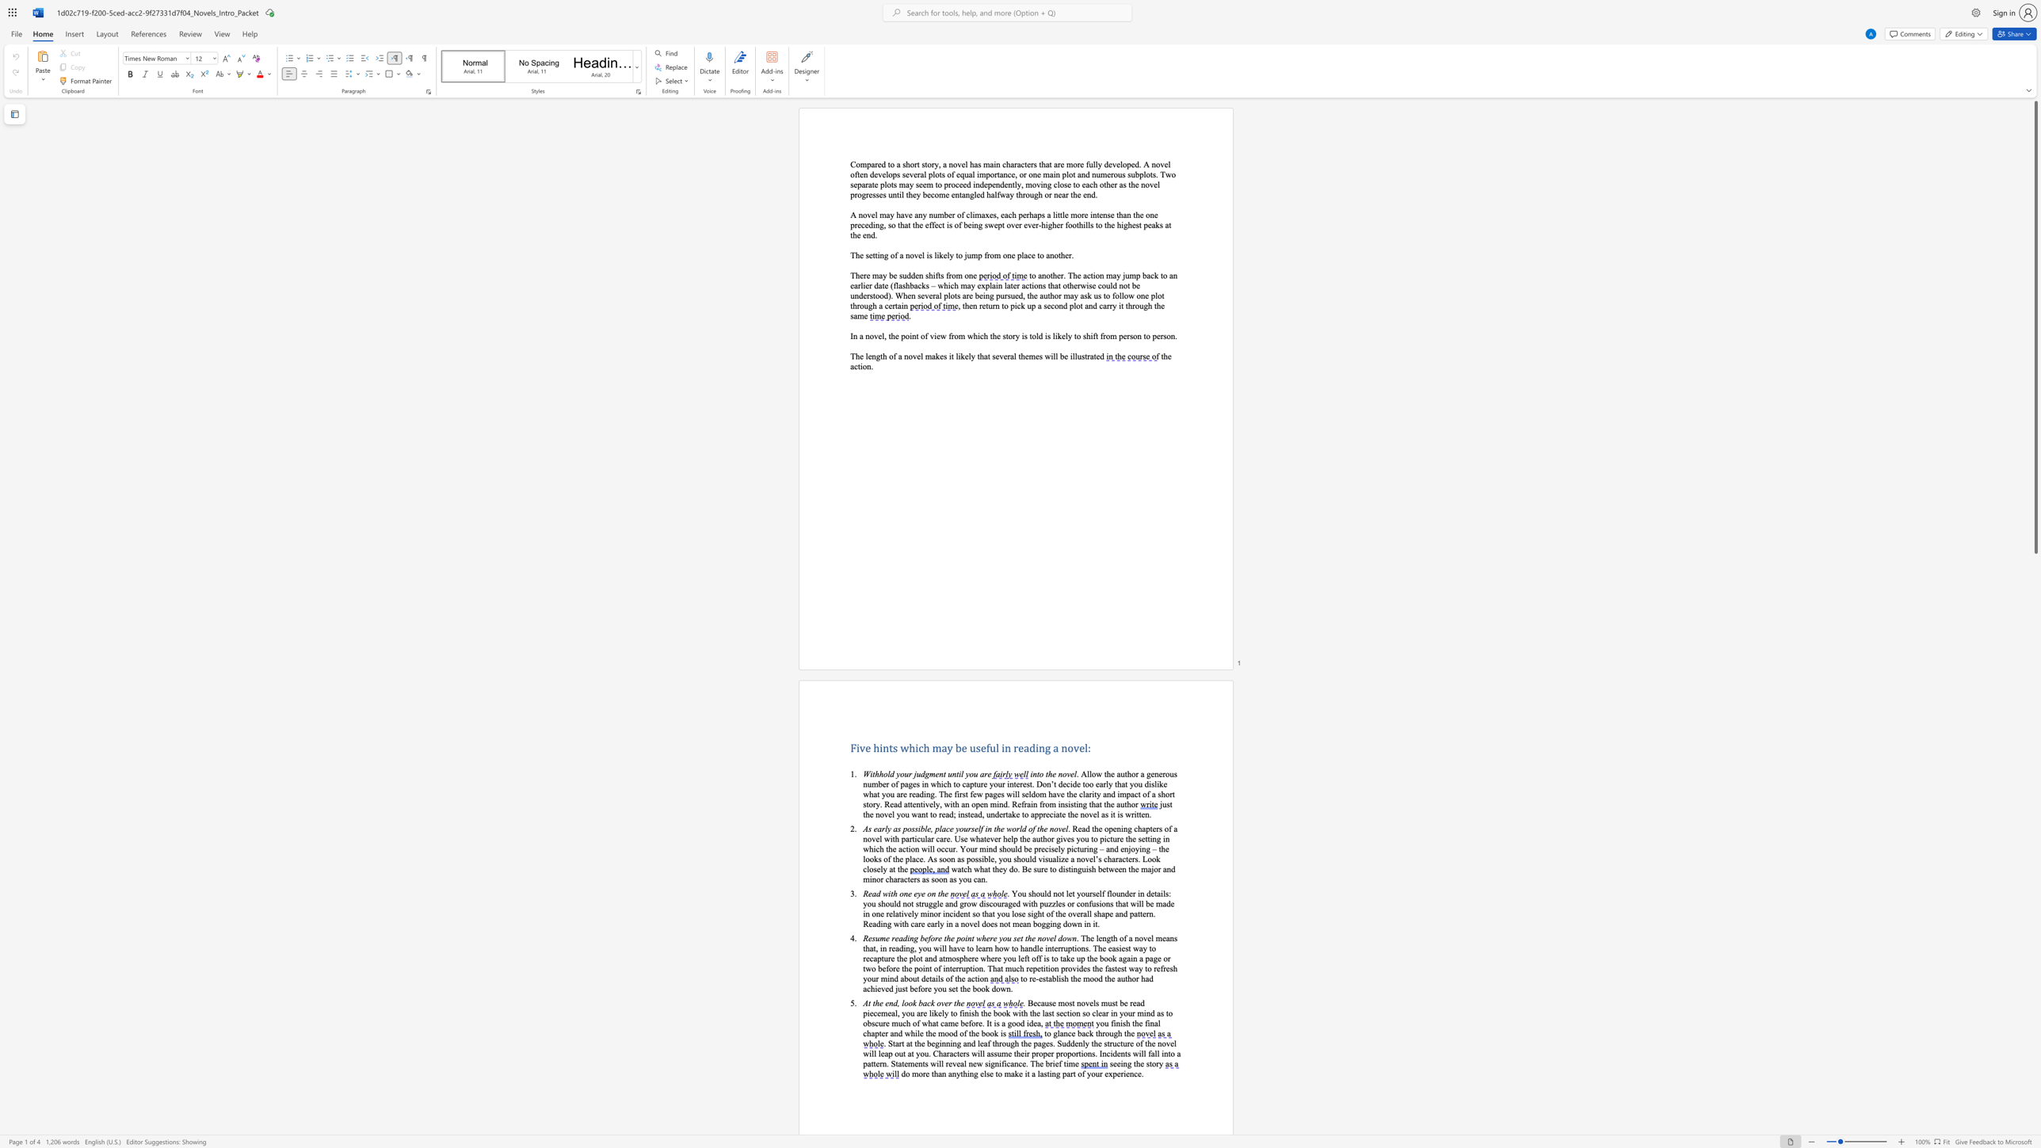 The image size is (2041, 1148). Describe the element at coordinates (1059, 335) in the screenshot. I see `the 1th character "k" in the text` at that location.